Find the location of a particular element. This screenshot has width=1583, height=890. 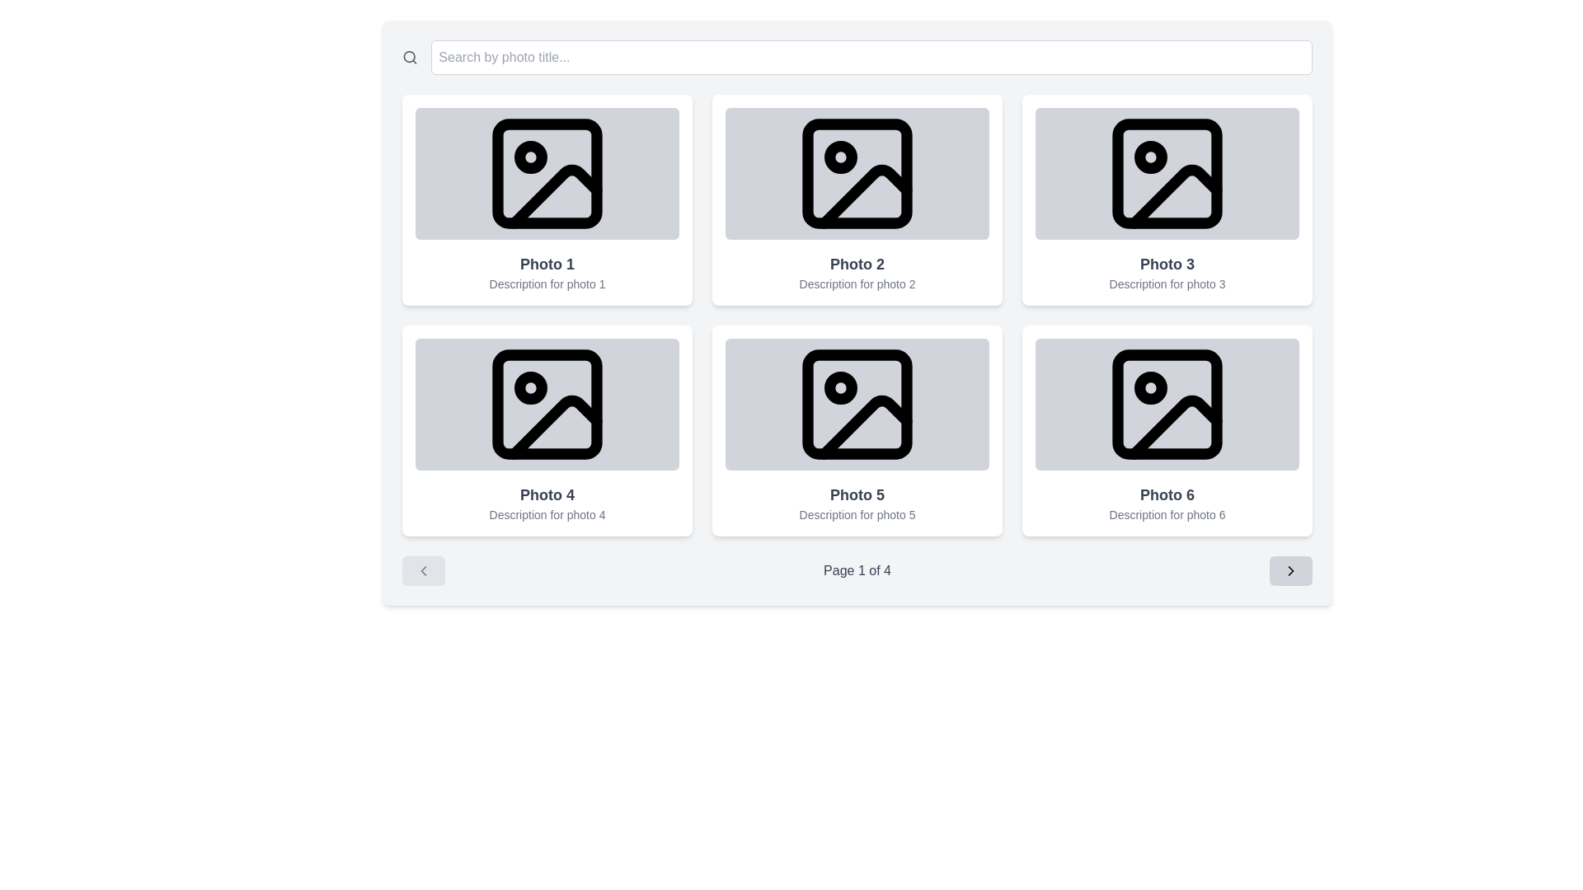

the text label reading 'Description for photo 4', which is styled in a small font size and gray color, located below the 'Photo 4' label within the card layout is located at coordinates (547, 513).